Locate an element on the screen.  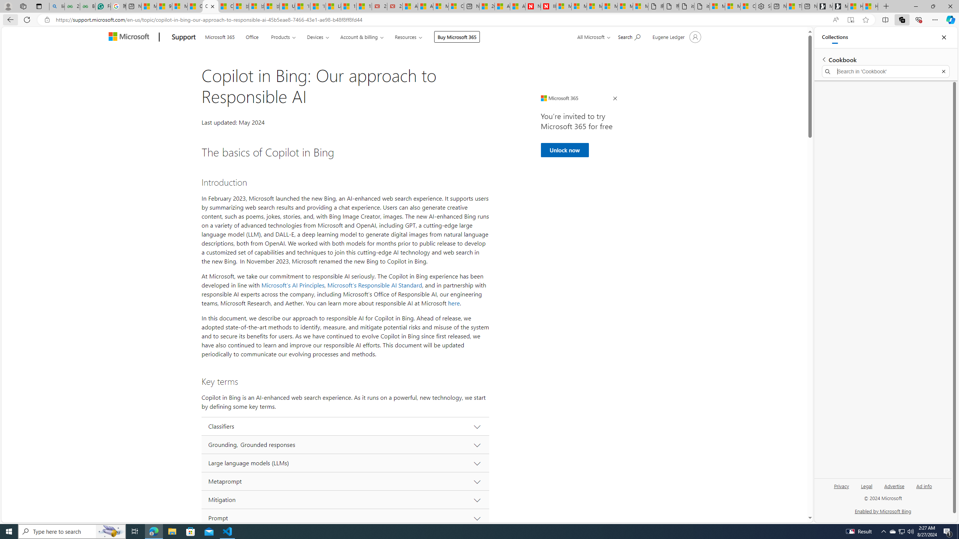
'Search in ' is located at coordinates (886, 71).